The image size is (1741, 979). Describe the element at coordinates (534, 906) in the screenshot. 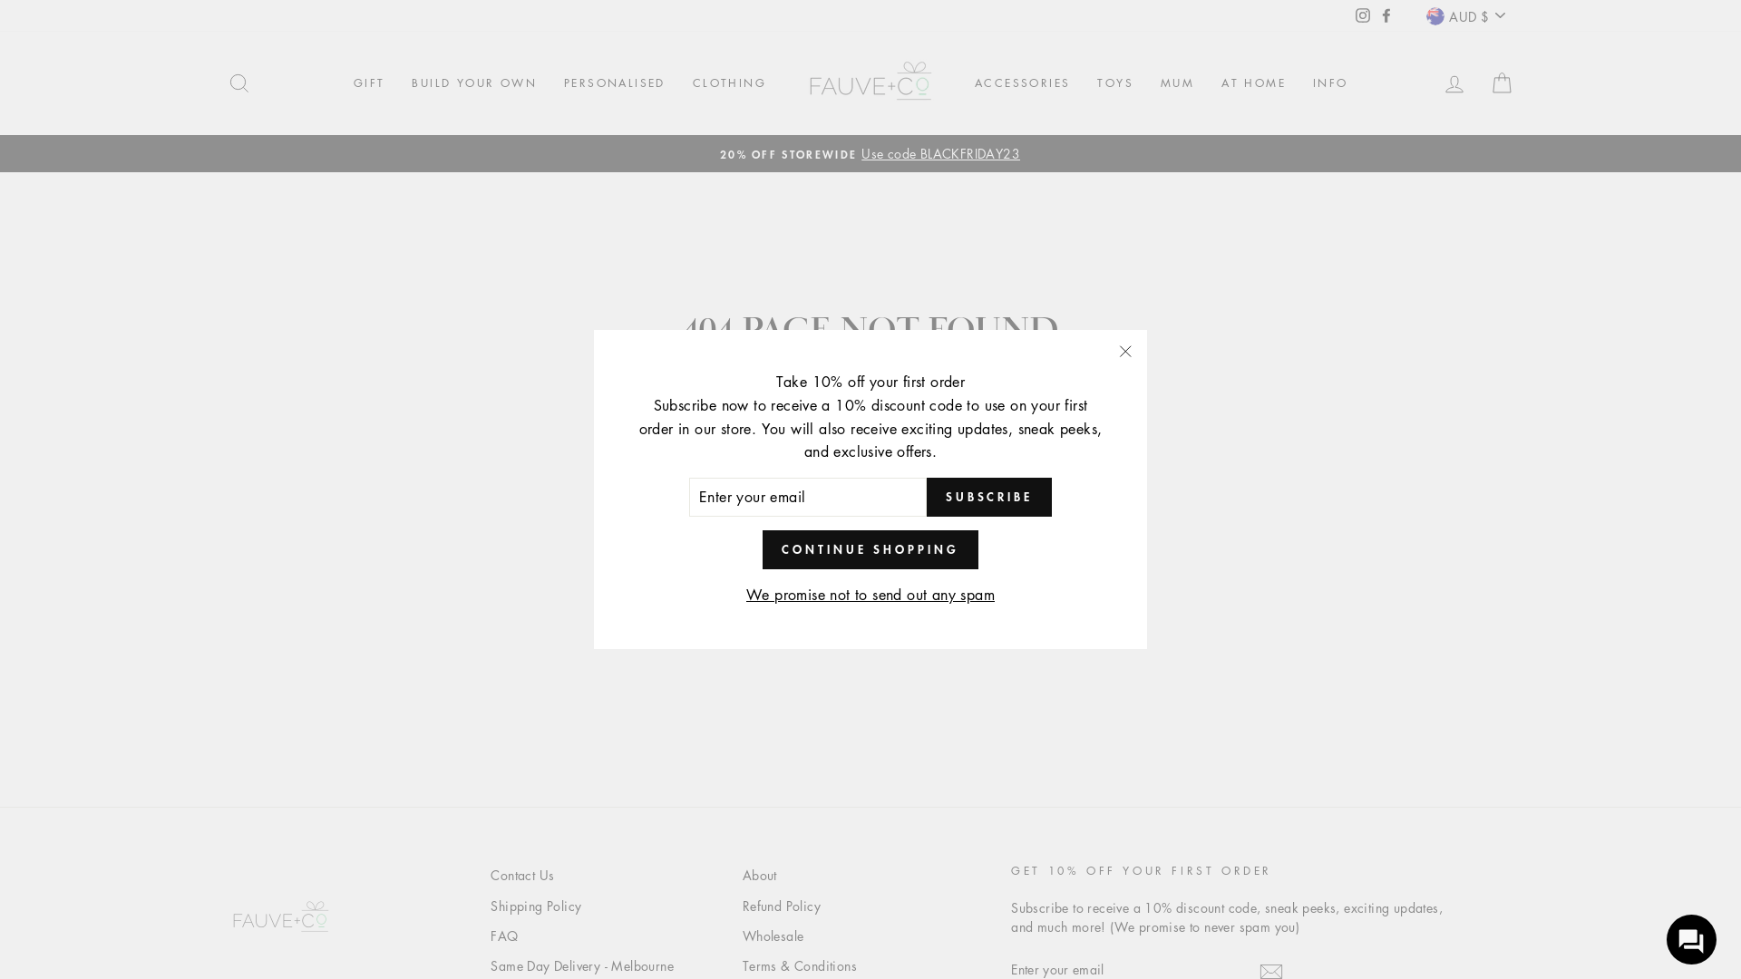

I see `'Shipping Policy'` at that location.